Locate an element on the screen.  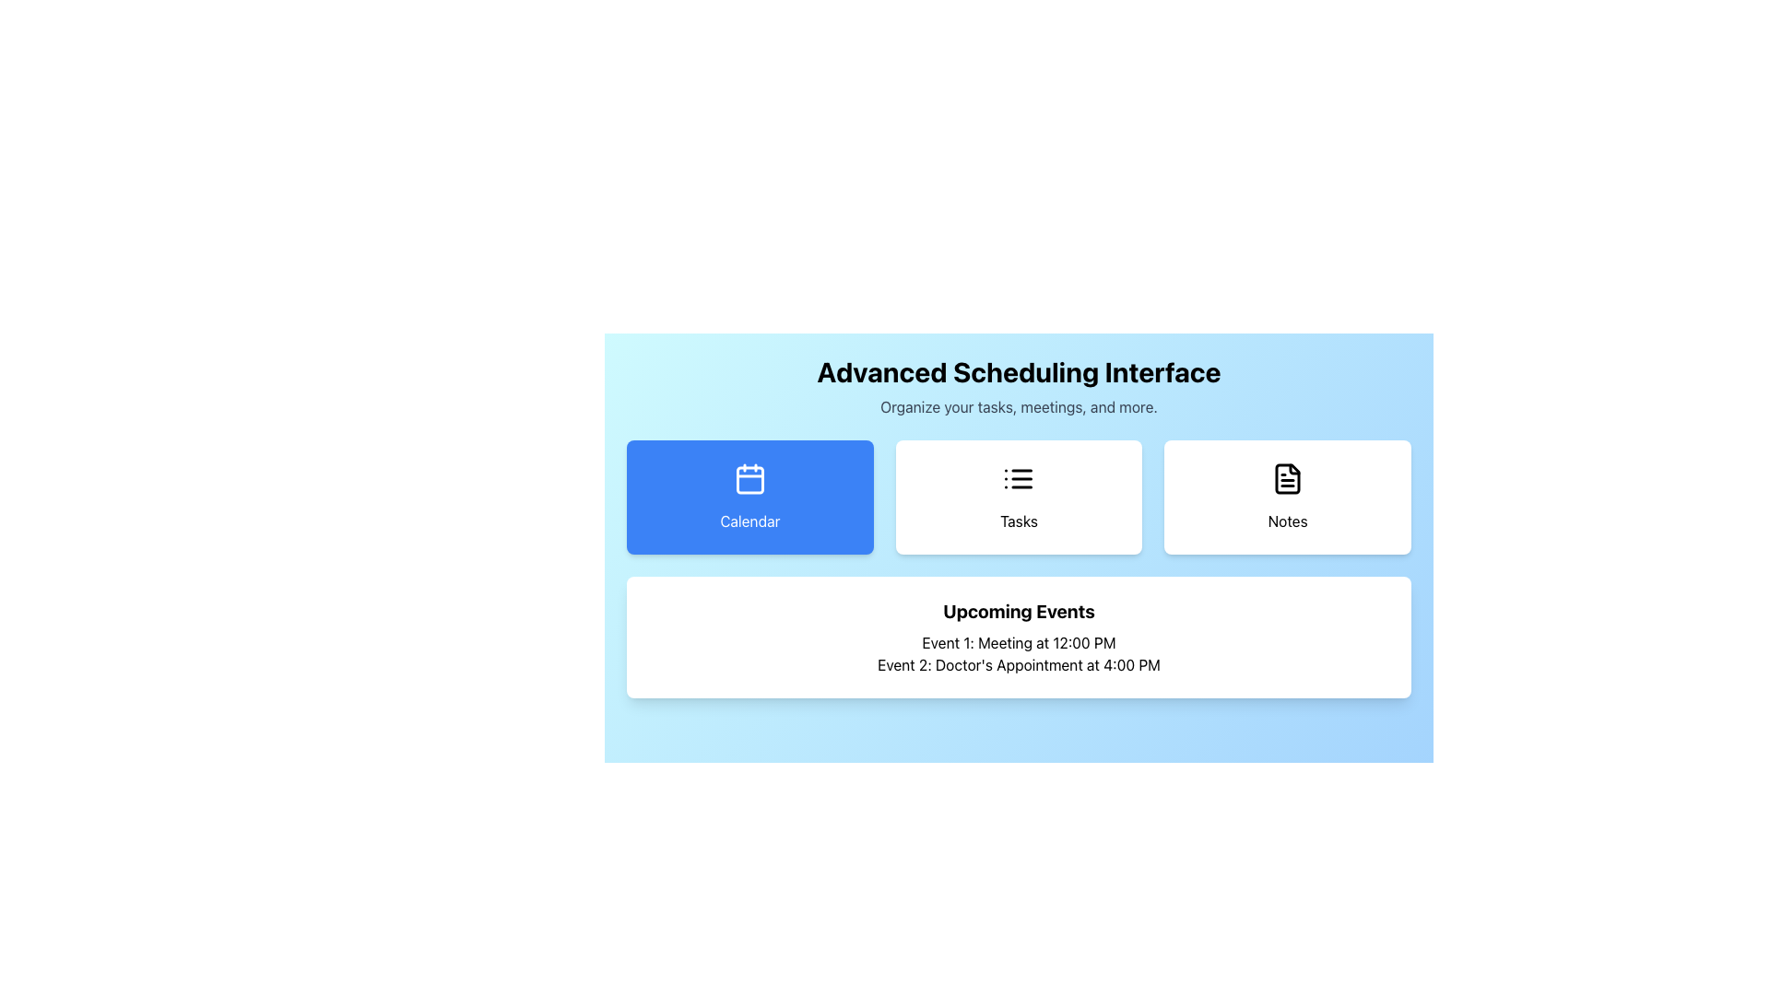
the icon resembling a document or file with text lines, which is centrally located above the text 'Notes' is located at coordinates (1287, 478).